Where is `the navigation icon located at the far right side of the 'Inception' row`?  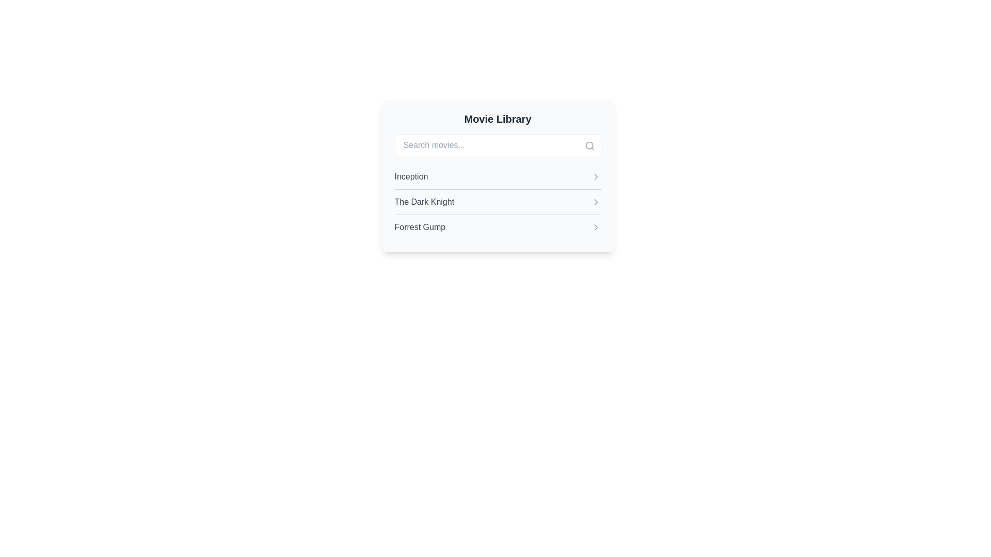 the navigation icon located at the far right side of the 'Inception' row is located at coordinates (596, 176).